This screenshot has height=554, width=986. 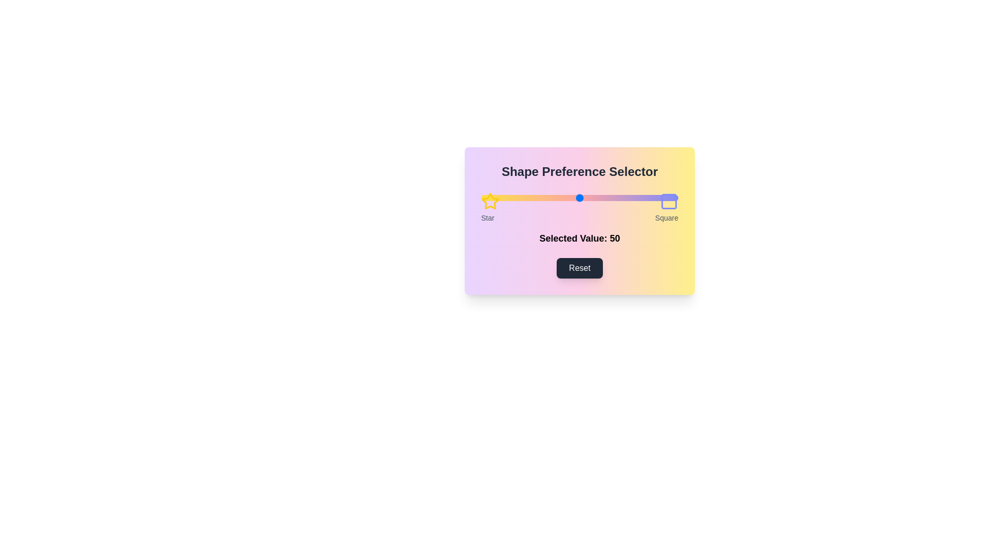 I want to click on the slider to set the preference value to 88, so click(x=654, y=197).